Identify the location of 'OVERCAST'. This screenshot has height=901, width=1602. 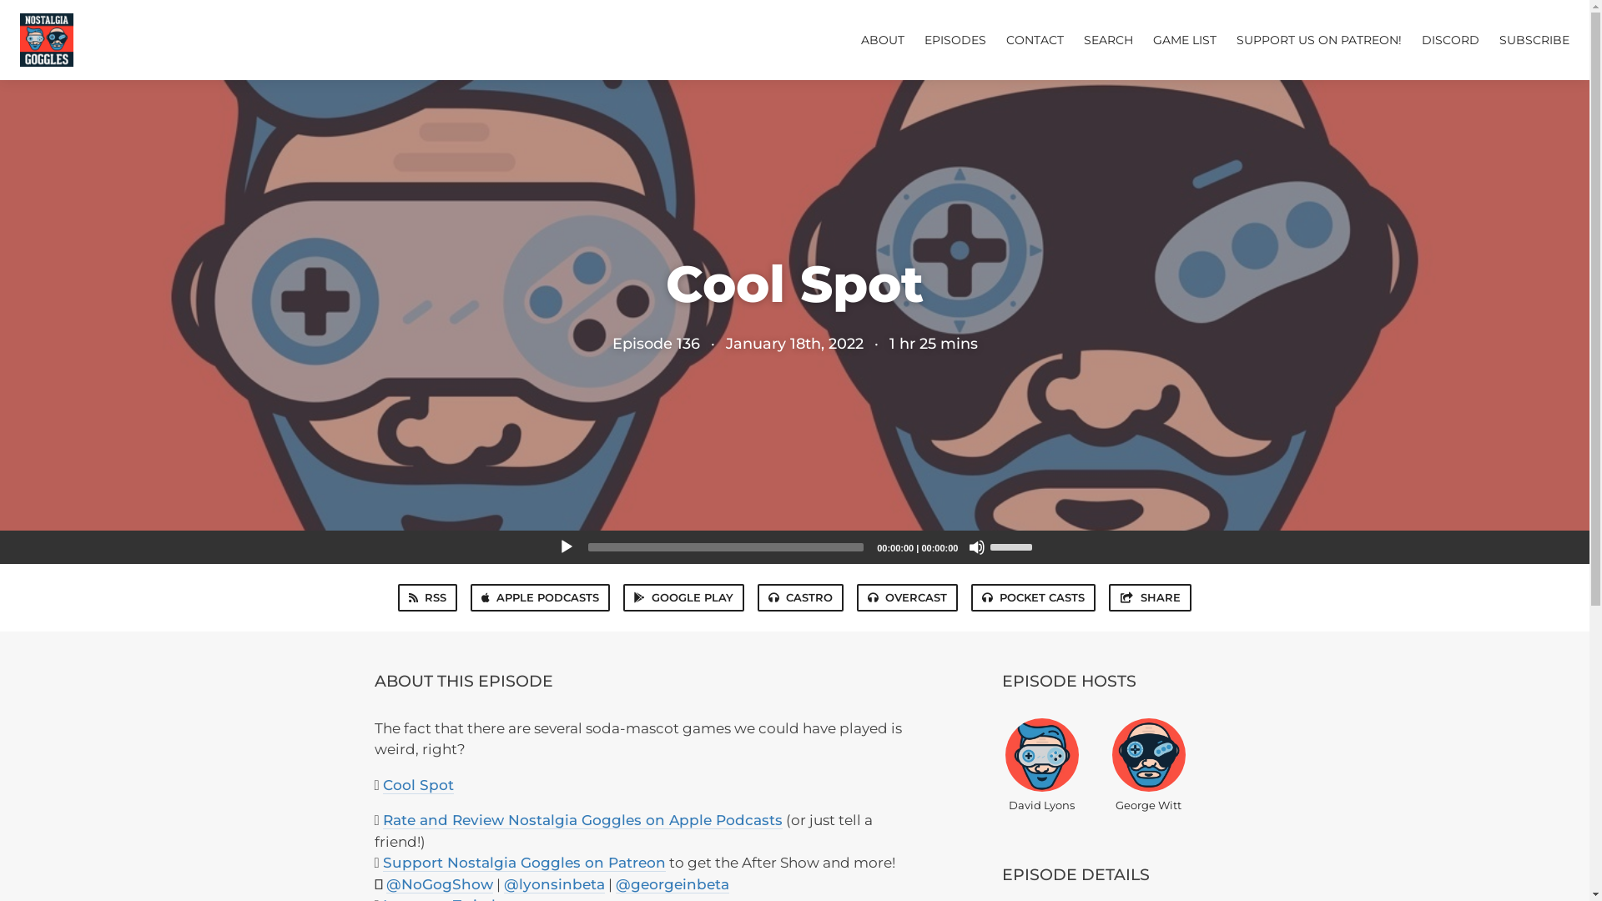
(906, 596).